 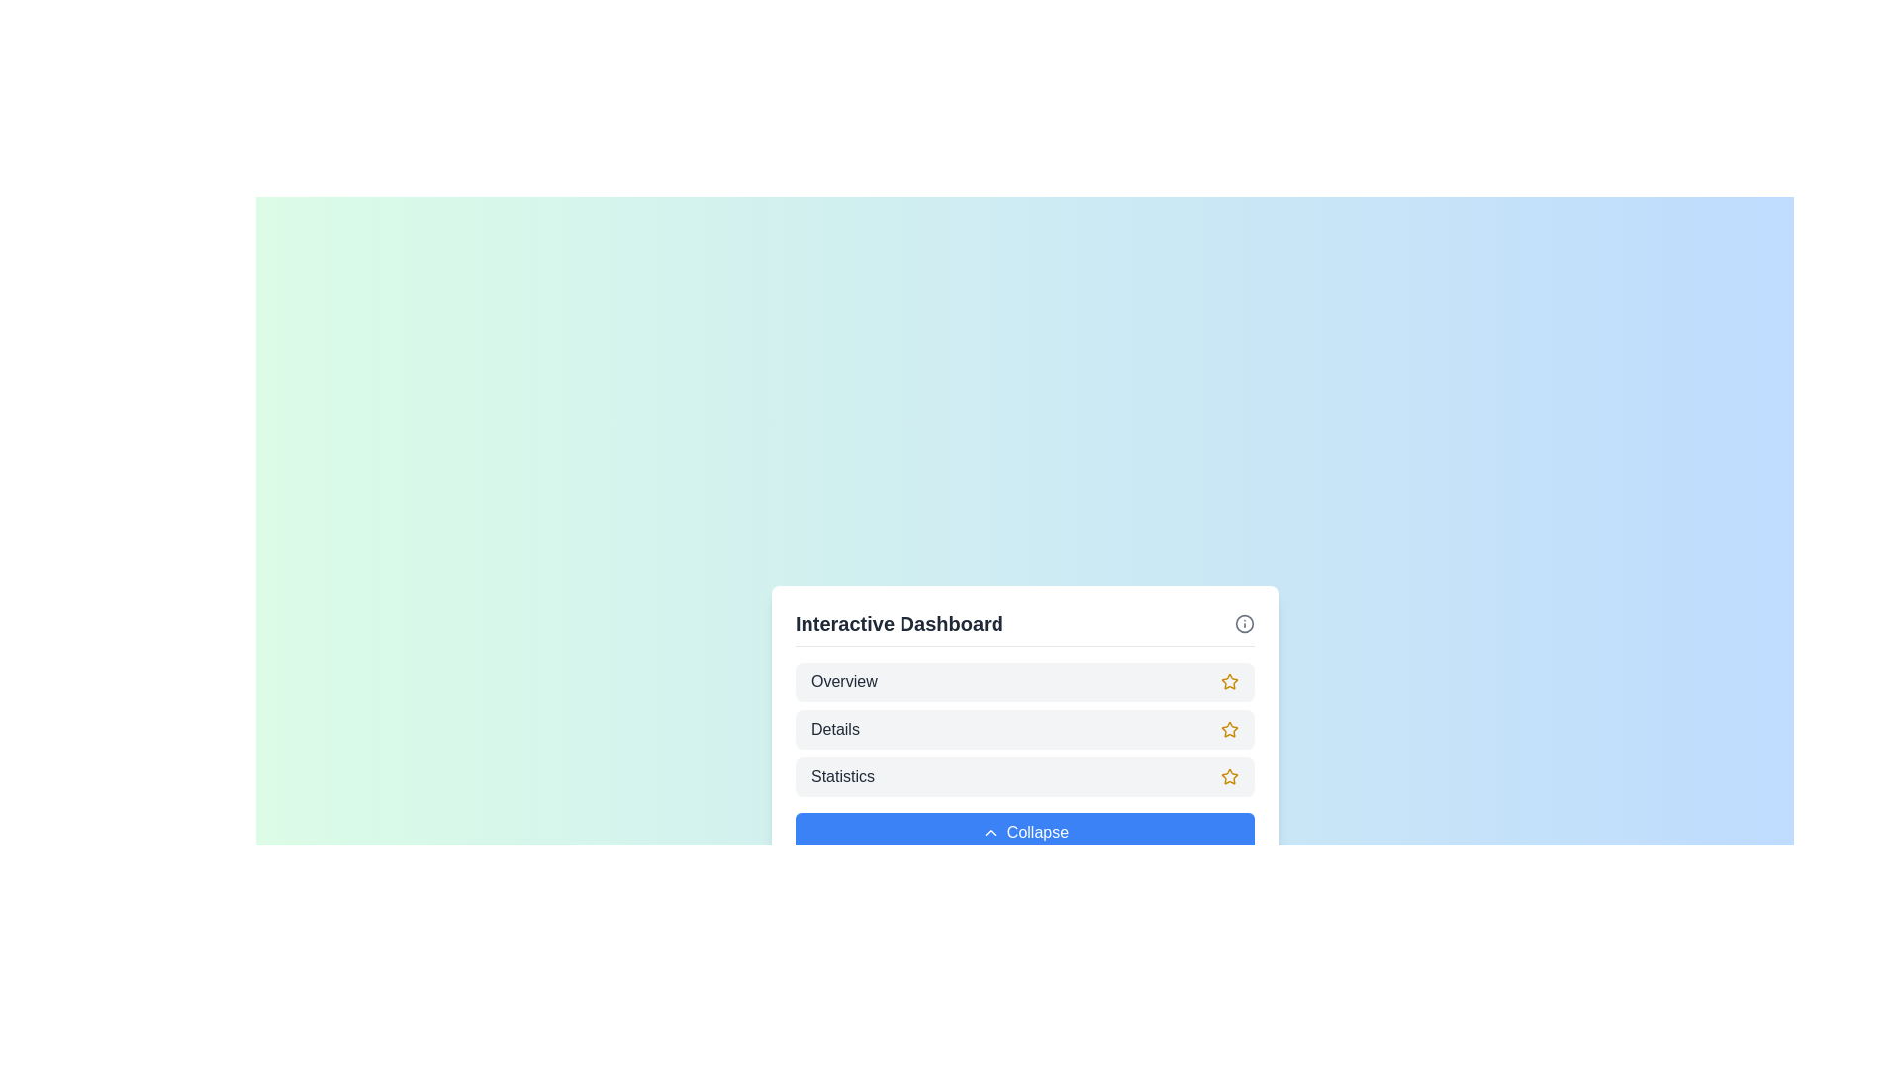 What do you see at coordinates (1229, 680) in the screenshot?
I see `the star icon located to the far right of the 'Overview' text in the top item of the menu to mark it as a favorite` at bounding box center [1229, 680].